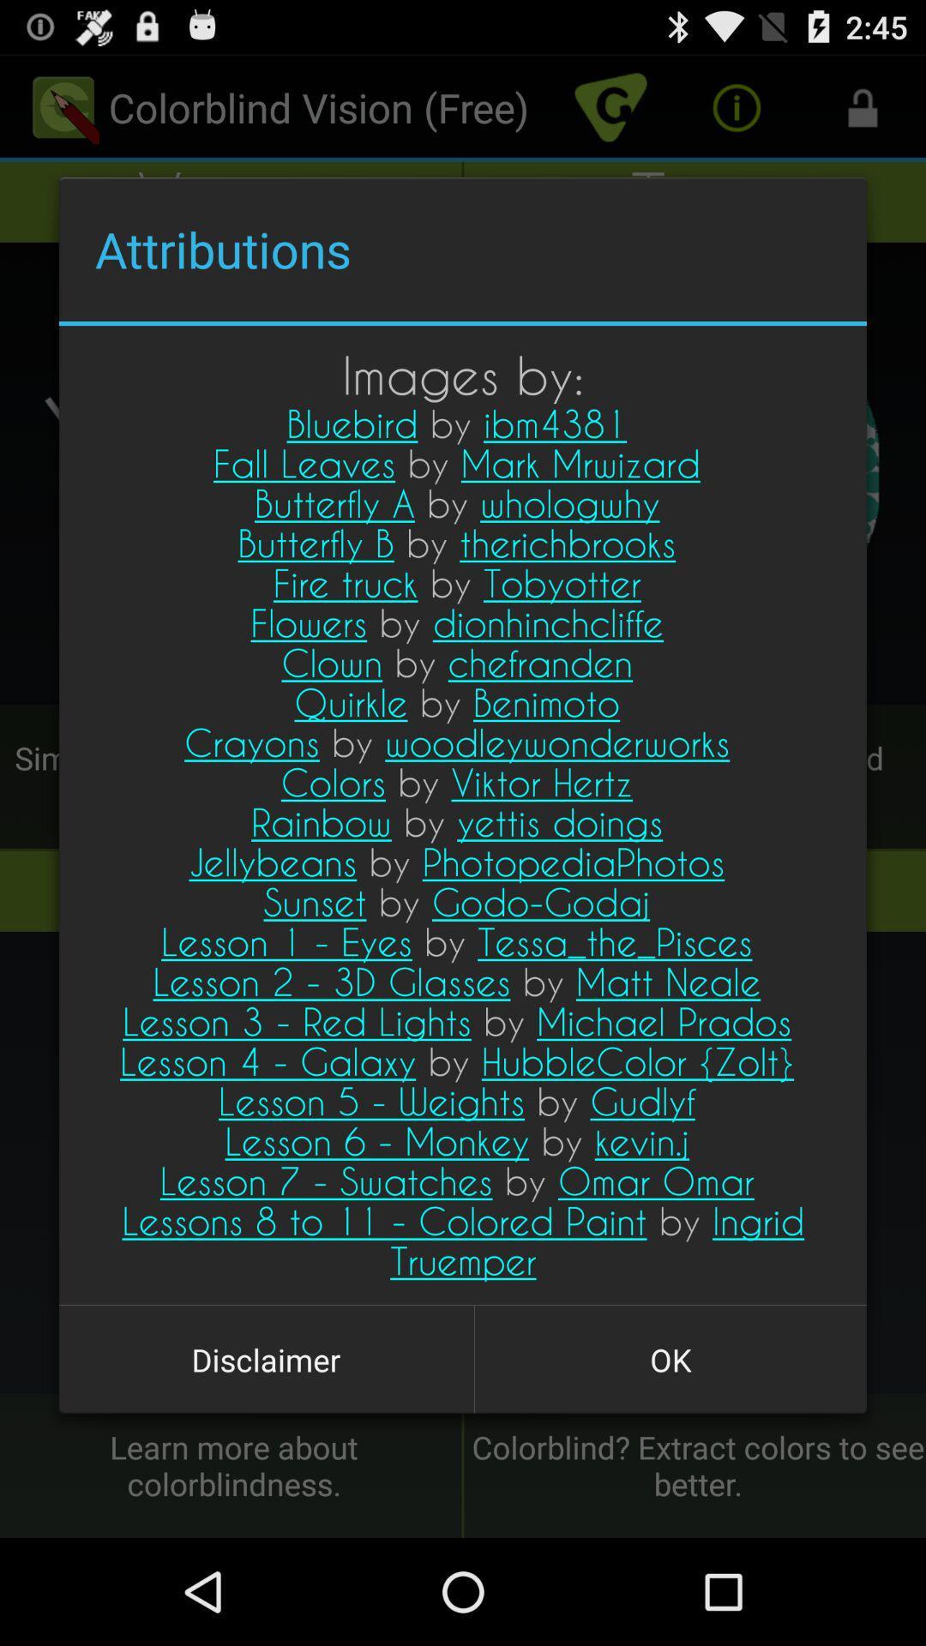 The image size is (926, 1646). What do you see at coordinates (670, 1359) in the screenshot?
I see `the icon to the right of the disclaimer` at bounding box center [670, 1359].